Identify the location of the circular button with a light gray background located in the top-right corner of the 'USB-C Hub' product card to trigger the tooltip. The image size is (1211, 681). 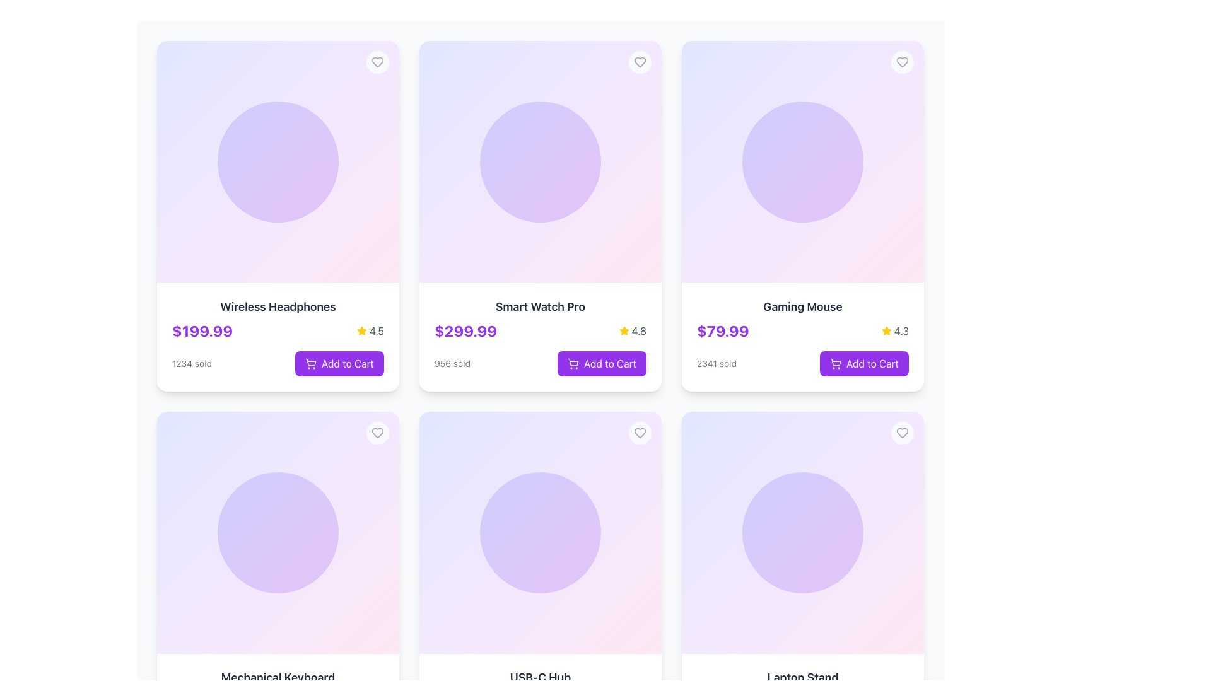
(640, 432).